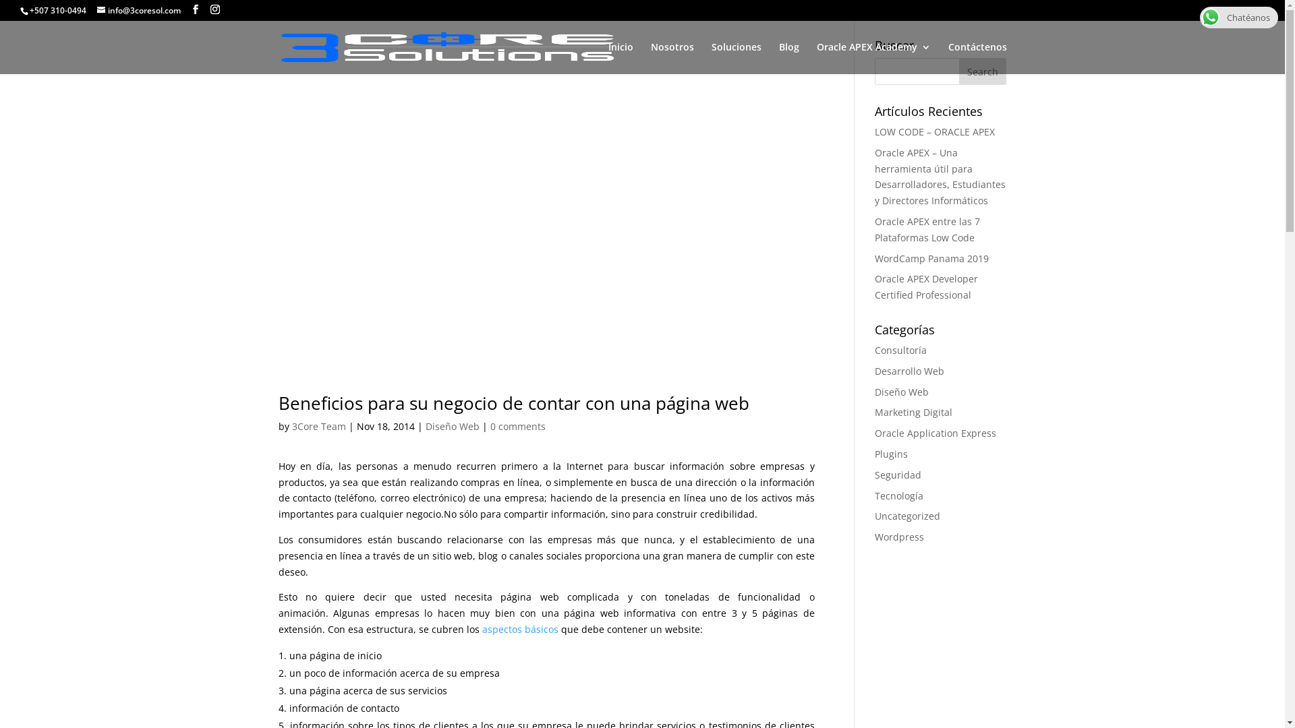 Image resolution: width=1295 pixels, height=728 pixels. What do you see at coordinates (317, 426) in the screenshot?
I see `'3Core Team'` at bounding box center [317, 426].